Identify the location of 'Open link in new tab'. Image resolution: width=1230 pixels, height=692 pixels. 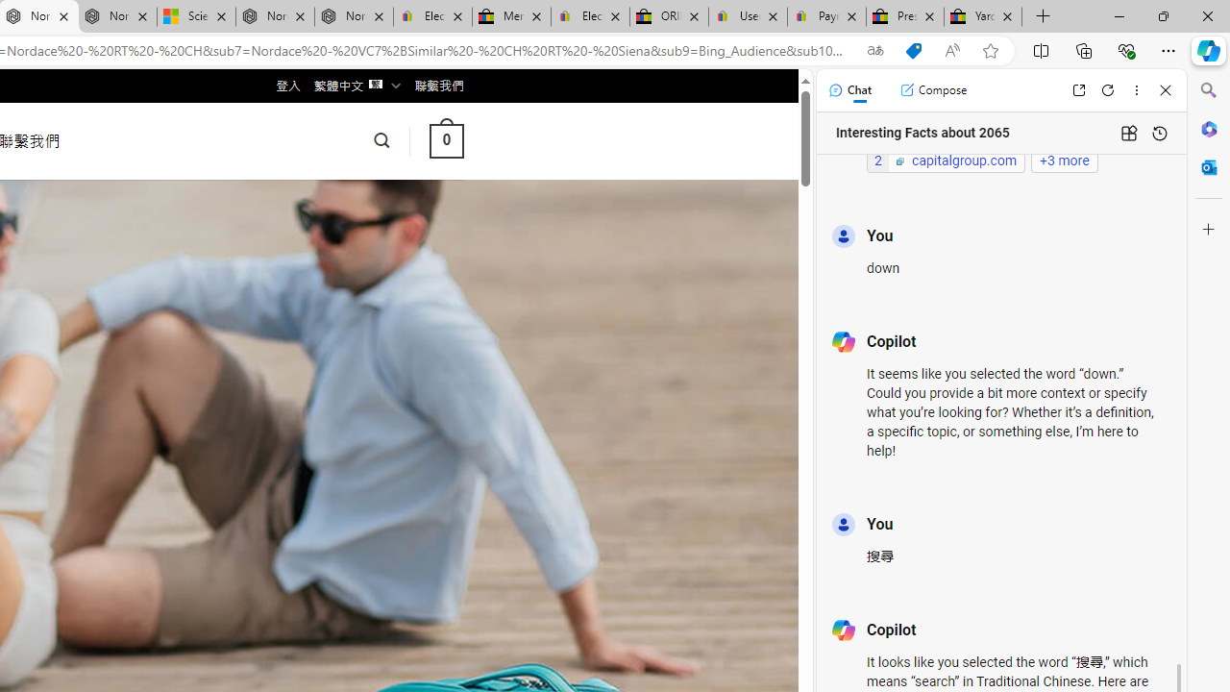
(1078, 89).